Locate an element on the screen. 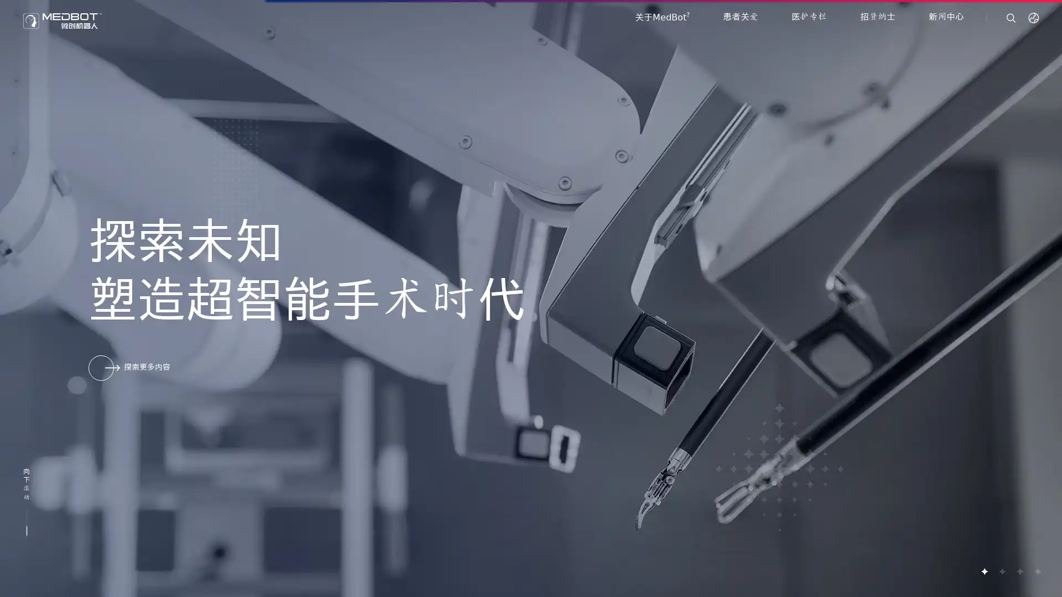 This screenshot has height=597, width=1062. Go to slide 3 is located at coordinates (1019, 571).